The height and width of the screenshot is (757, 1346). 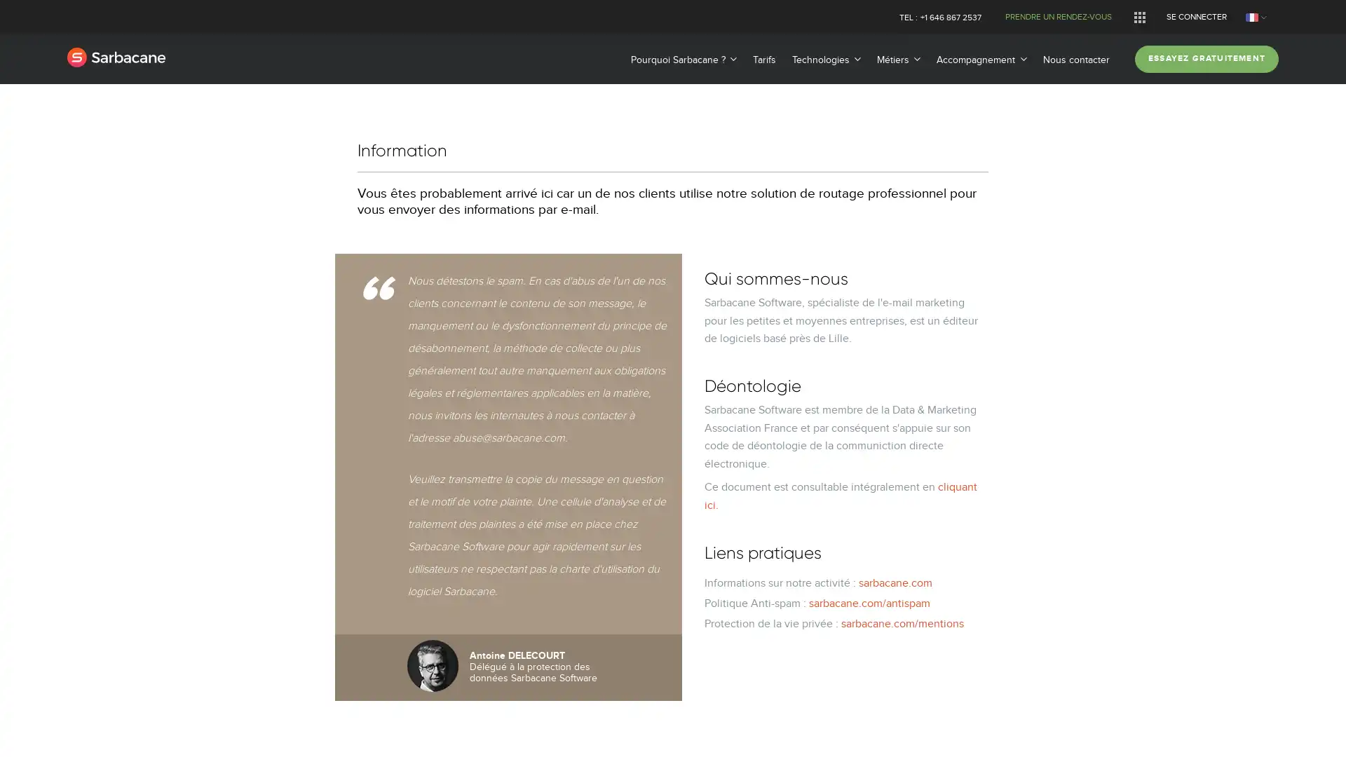 I want to click on Consentements certifies par, so click(x=672, y=449).